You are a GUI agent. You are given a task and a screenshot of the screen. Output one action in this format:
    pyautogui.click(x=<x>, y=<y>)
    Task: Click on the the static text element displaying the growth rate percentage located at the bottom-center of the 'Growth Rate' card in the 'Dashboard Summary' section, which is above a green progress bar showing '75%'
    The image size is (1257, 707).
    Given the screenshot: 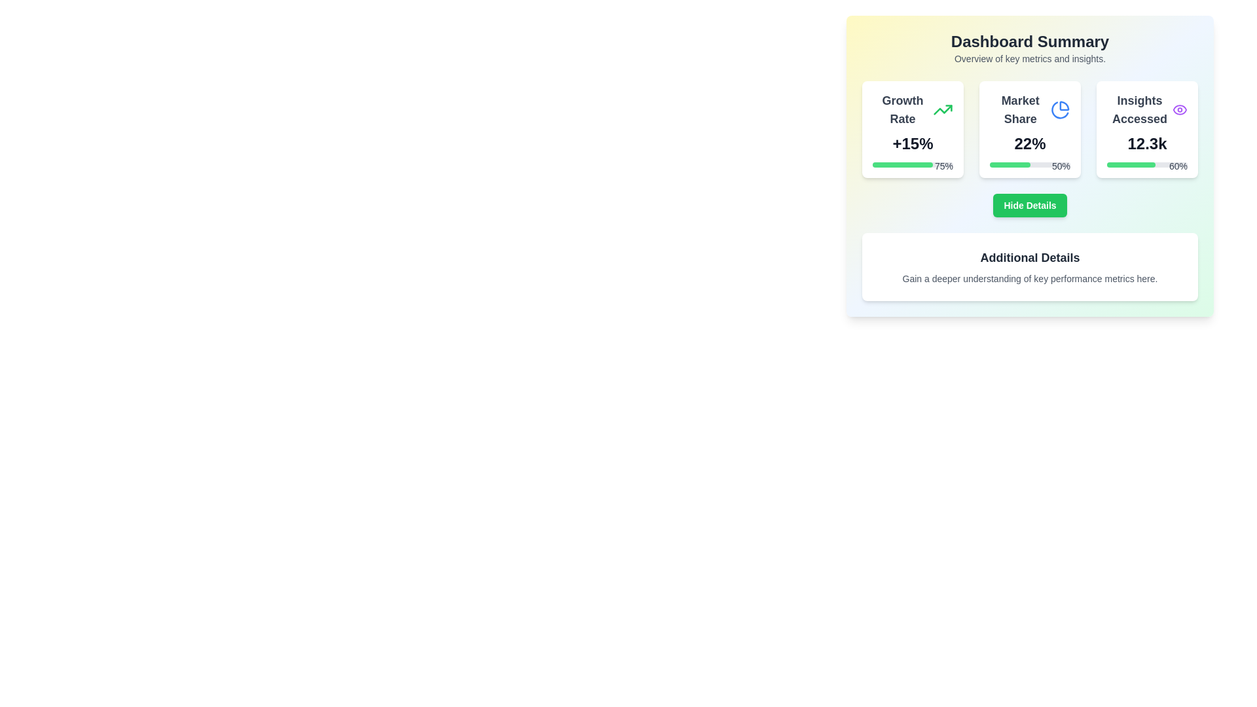 What is the action you would take?
    pyautogui.click(x=912, y=143)
    